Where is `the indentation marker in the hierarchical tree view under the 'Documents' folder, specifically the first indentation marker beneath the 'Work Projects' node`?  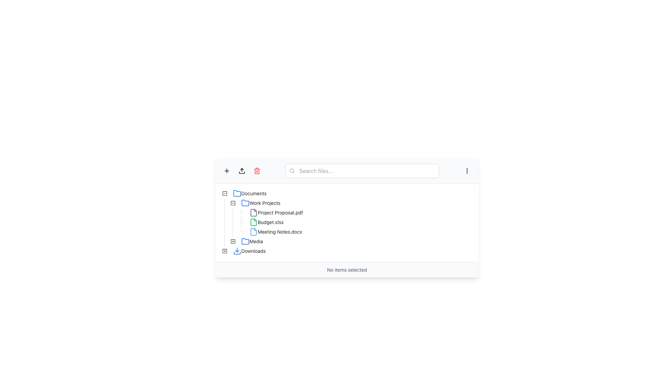 the indentation marker in the hierarchical tree view under the 'Documents' folder, specifically the first indentation marker beneath the 'Work Projects' node is located at coordinates (224, 222).